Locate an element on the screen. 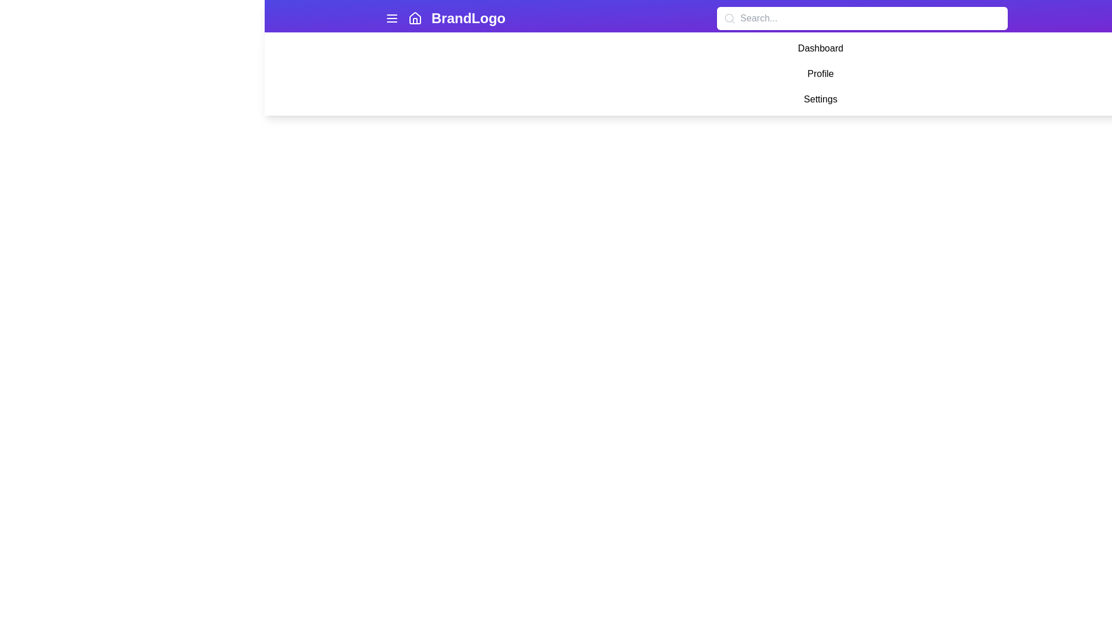 The height and width of the screenshot is (625, 1112). the home SVG icon located in the top navigation bar, positioned between the hamburger menu icon and the 'BrandLogo' text is located at coordinates (415, 18).